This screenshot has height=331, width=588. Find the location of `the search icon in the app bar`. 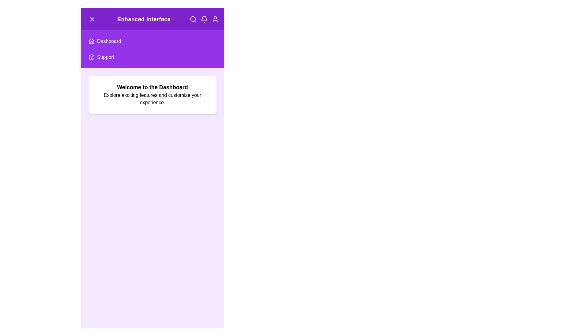

the search icon in the app bar is located at coordinates (193, 19).